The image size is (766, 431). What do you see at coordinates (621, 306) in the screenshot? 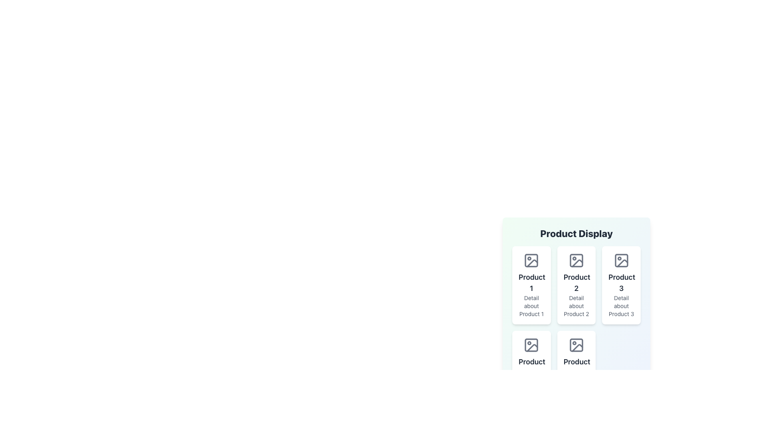
I see `the text label that contains 'Detail about Product 3', located directly below the 'Product 3' title in the rightmost card` at bounding box center [621, 306].